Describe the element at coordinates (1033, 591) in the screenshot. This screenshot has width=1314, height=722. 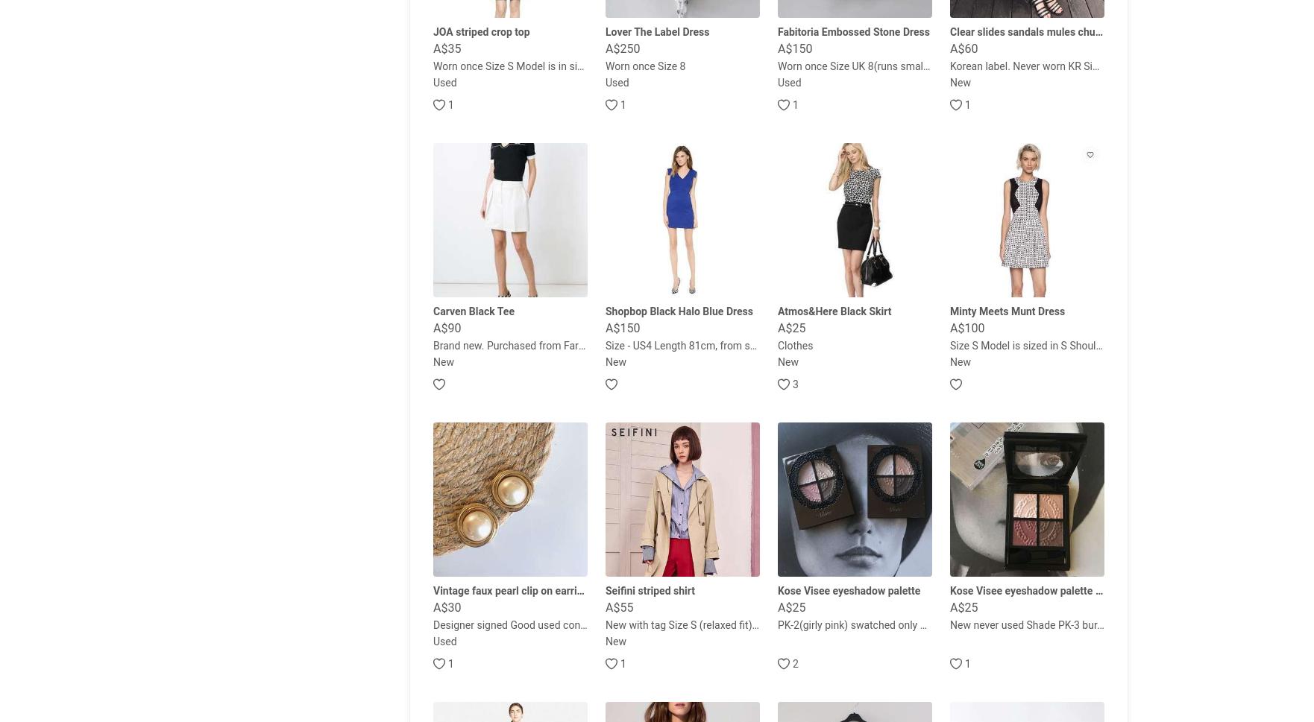
I see `'Kose Visee eyeshadow palette PK-3'` at that location.